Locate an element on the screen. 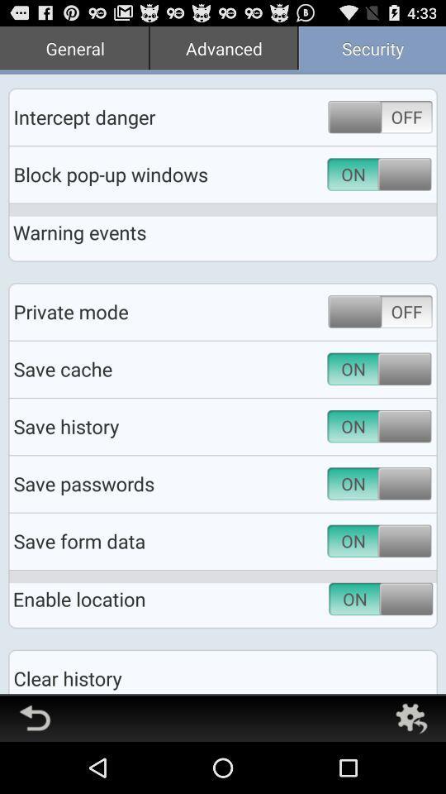  previous button is located at coordinates (35, 717).